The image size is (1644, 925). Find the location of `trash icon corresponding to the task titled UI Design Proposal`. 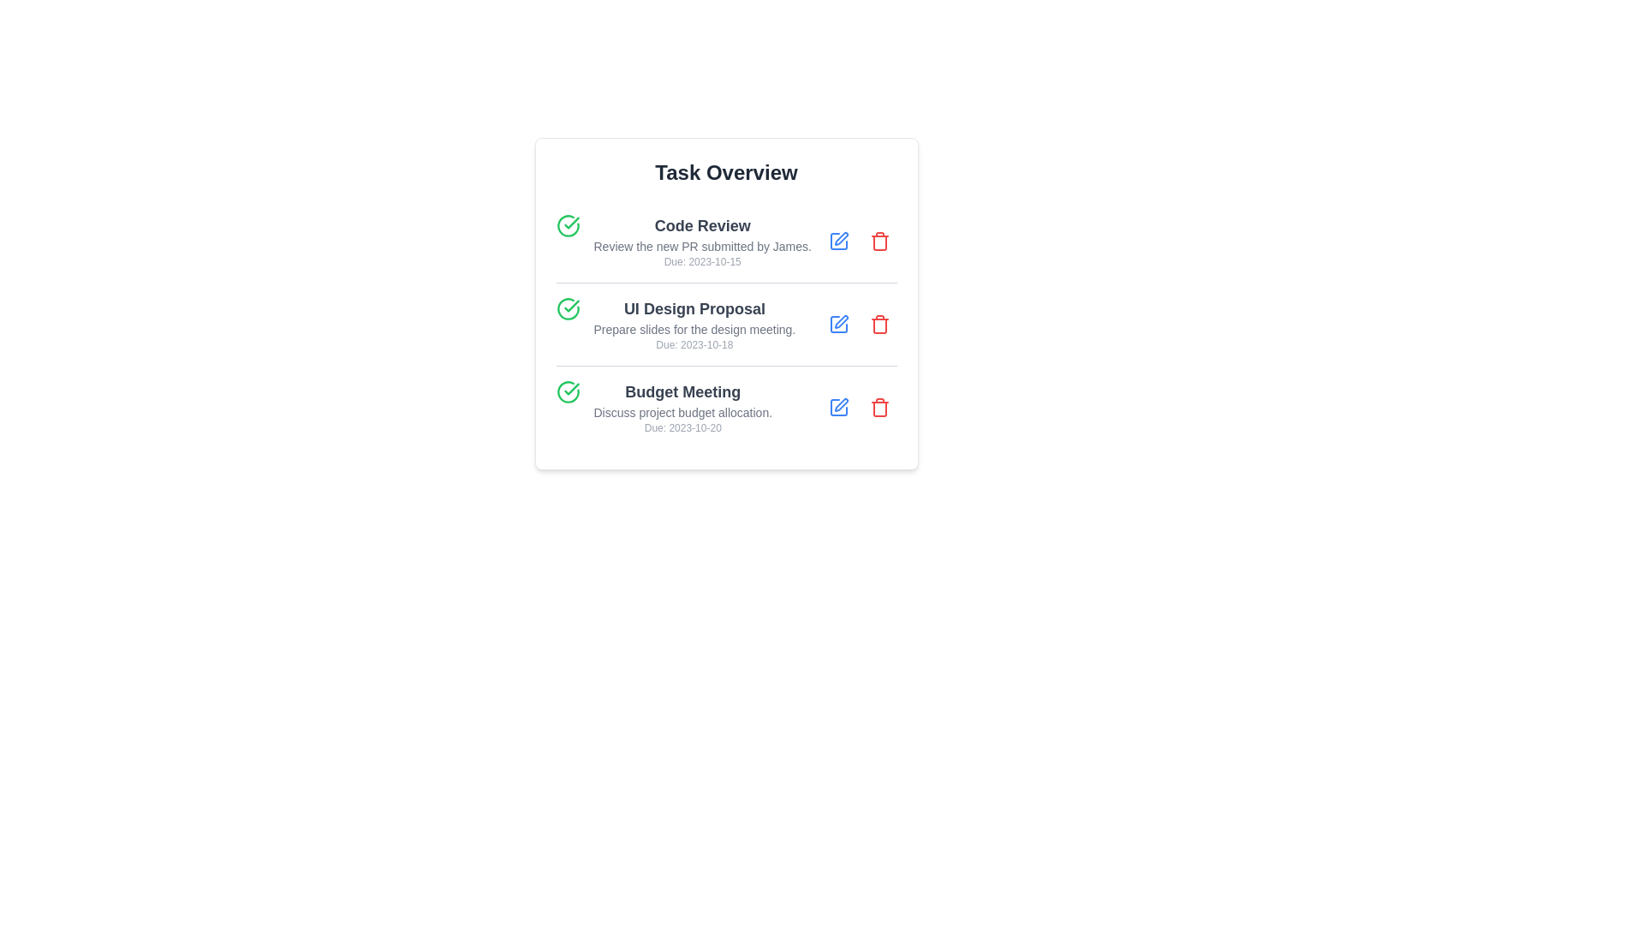

trash icon corresponding to the task titled UI Design Proposal is located at coordinates (879, 324).